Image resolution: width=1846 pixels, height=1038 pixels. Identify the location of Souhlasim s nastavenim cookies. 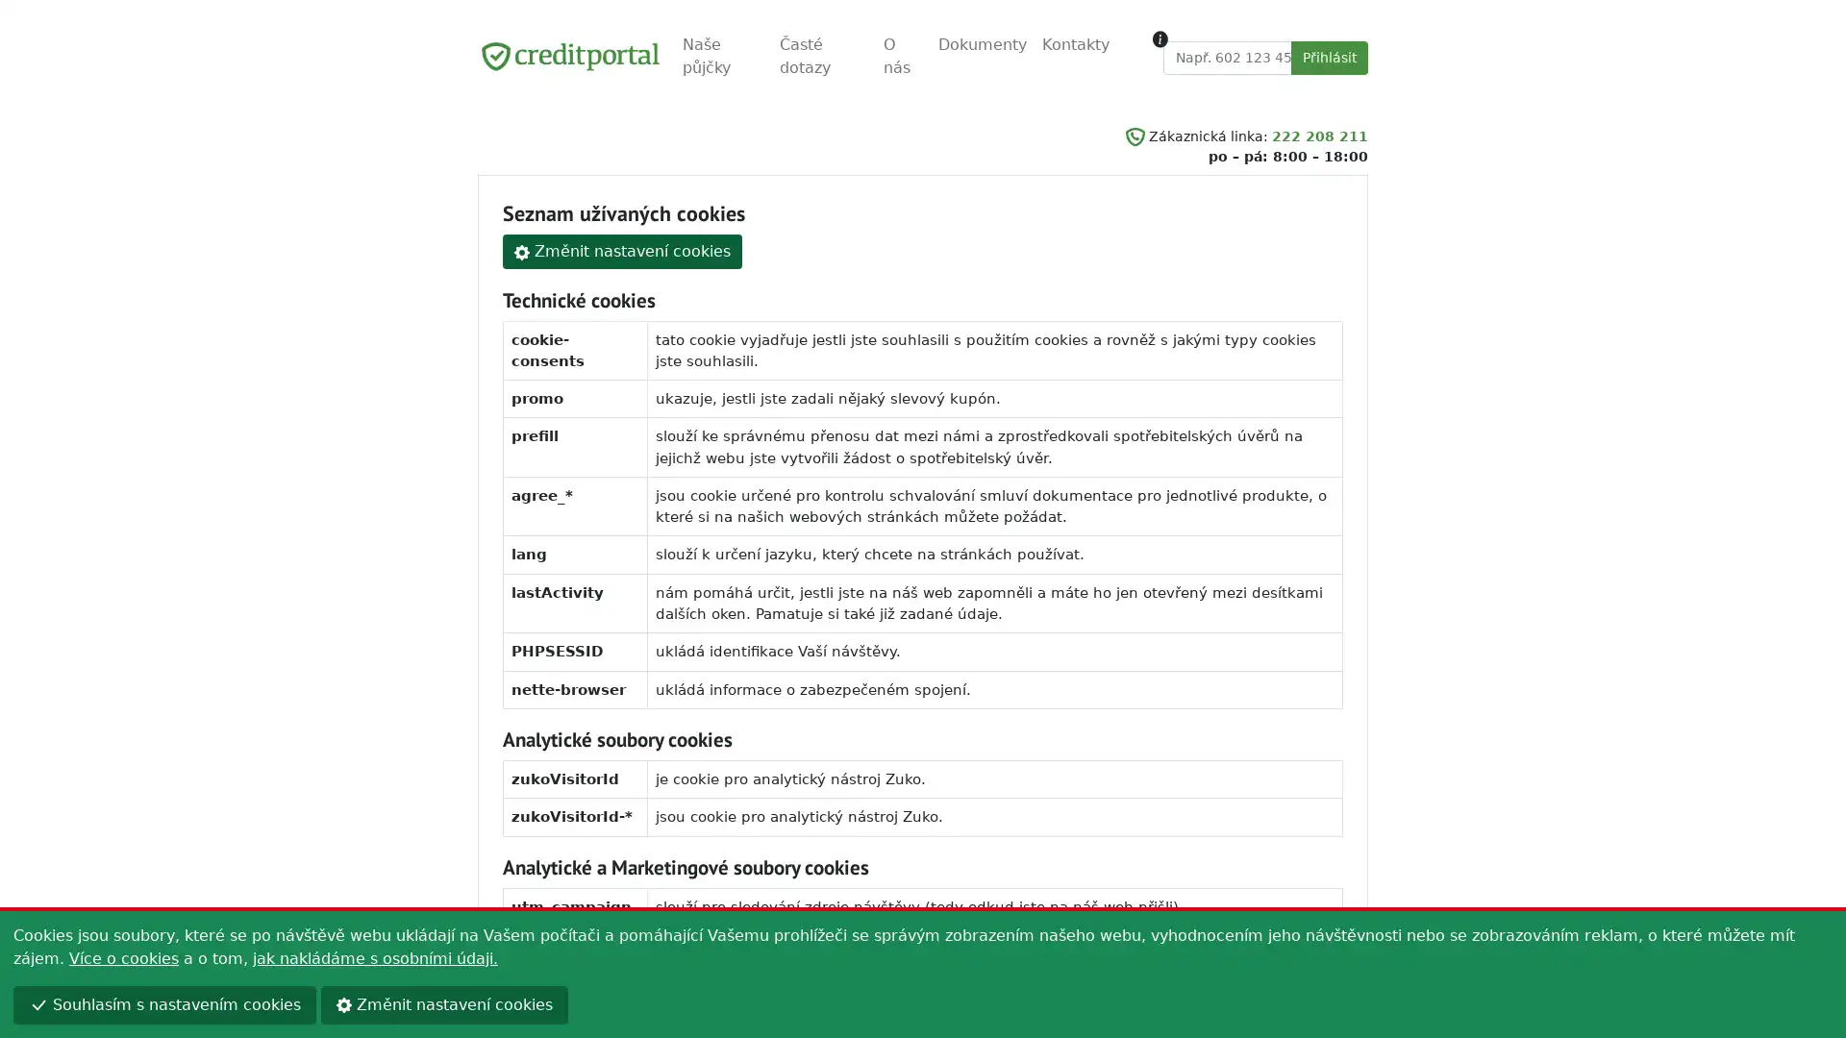
(164, 1003).